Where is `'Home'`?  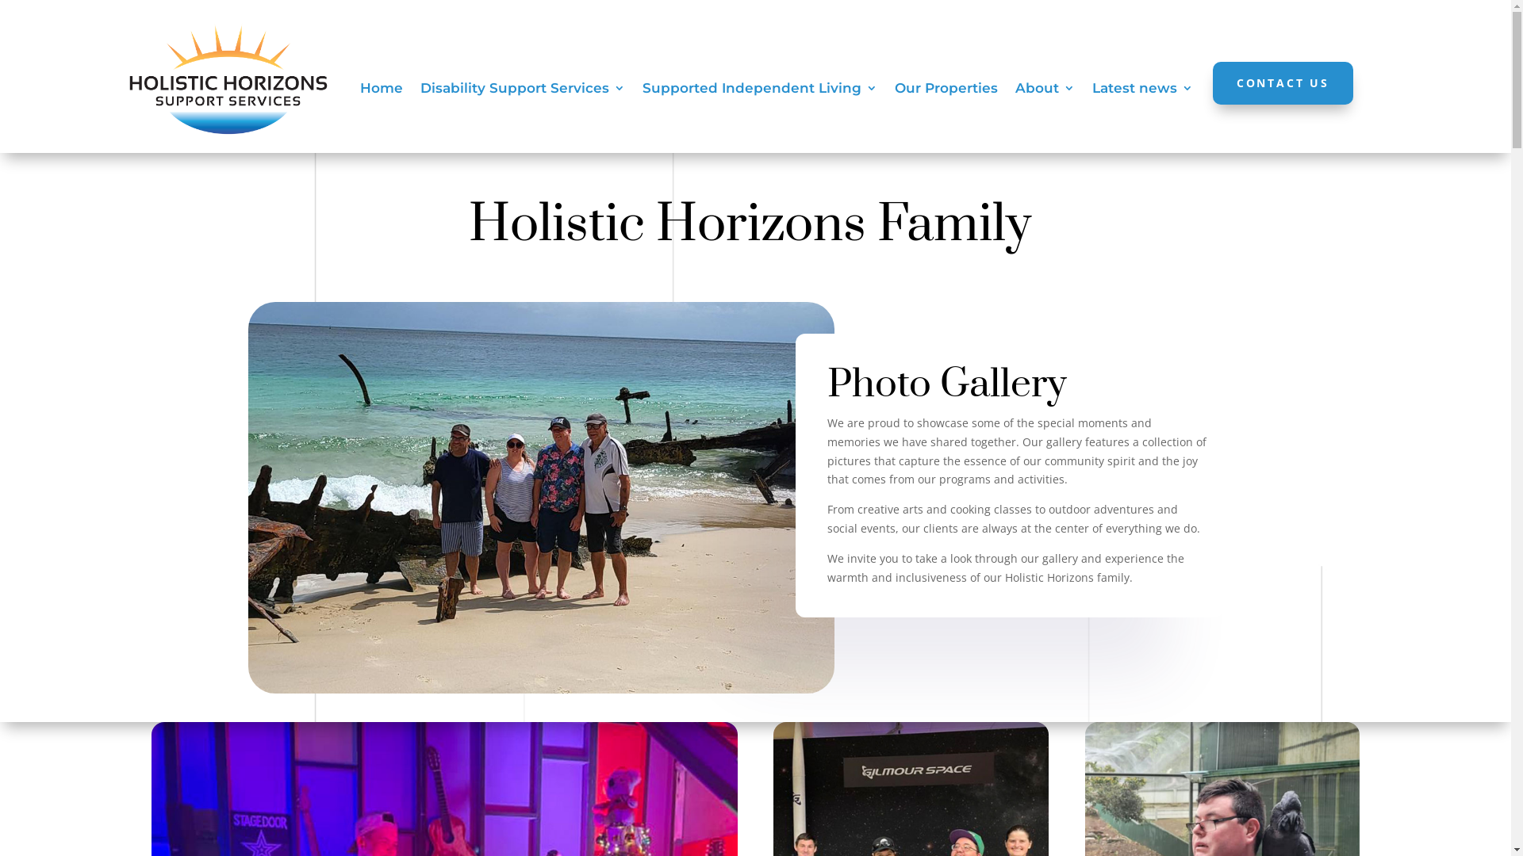 'Home' is located at coordinates (381, 91).